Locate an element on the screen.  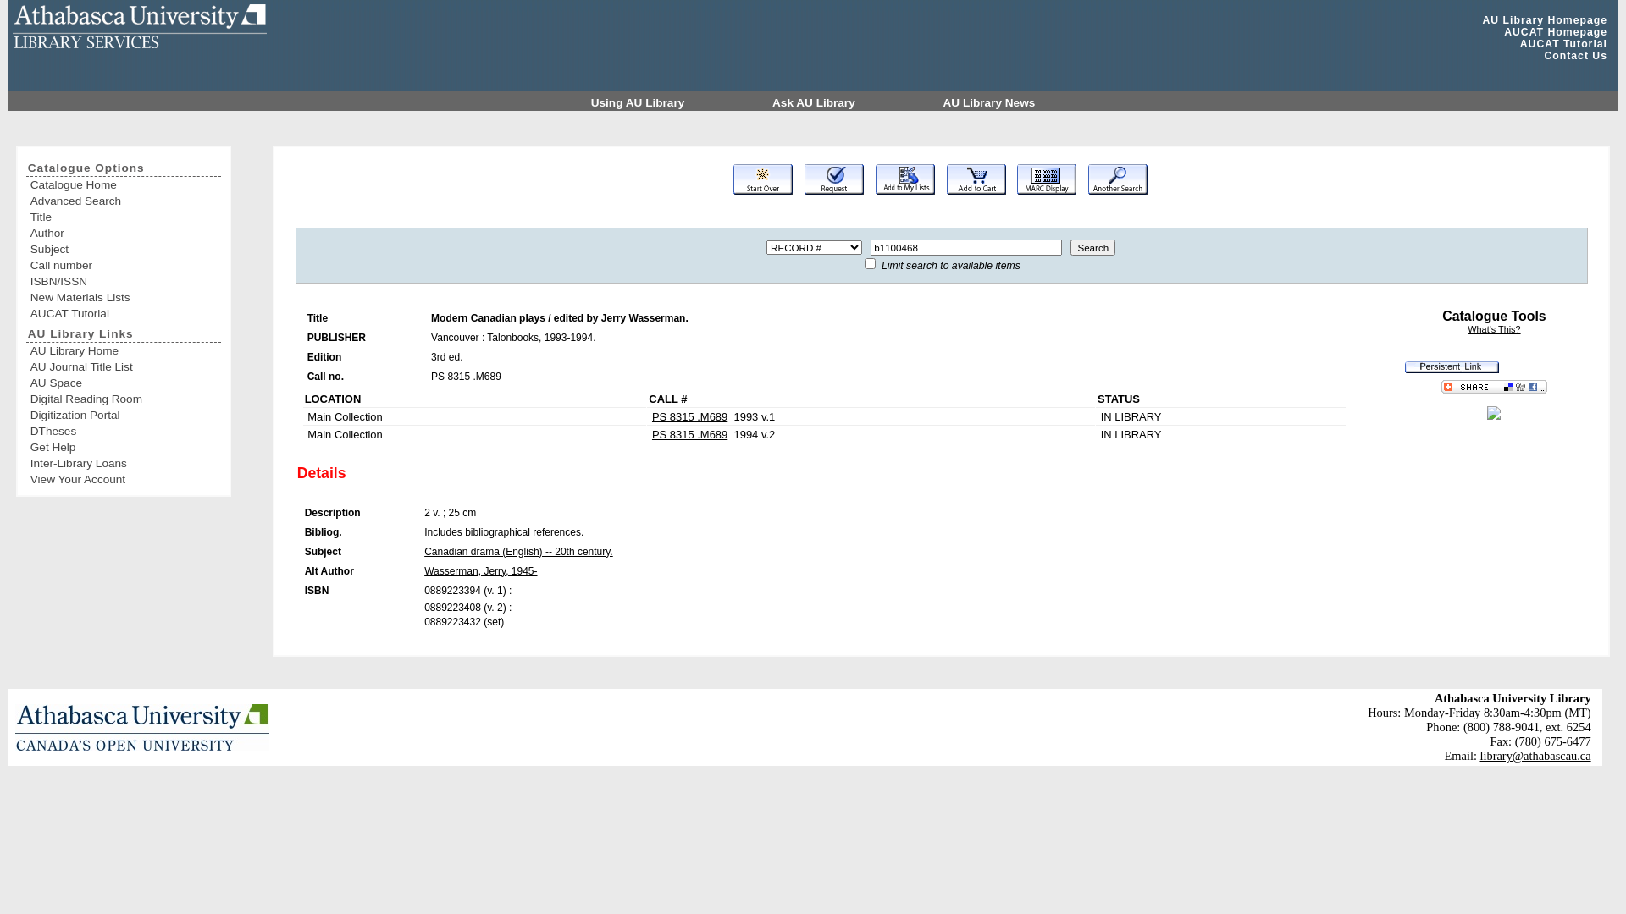
'Call number' is located at coordinates (30, 265).